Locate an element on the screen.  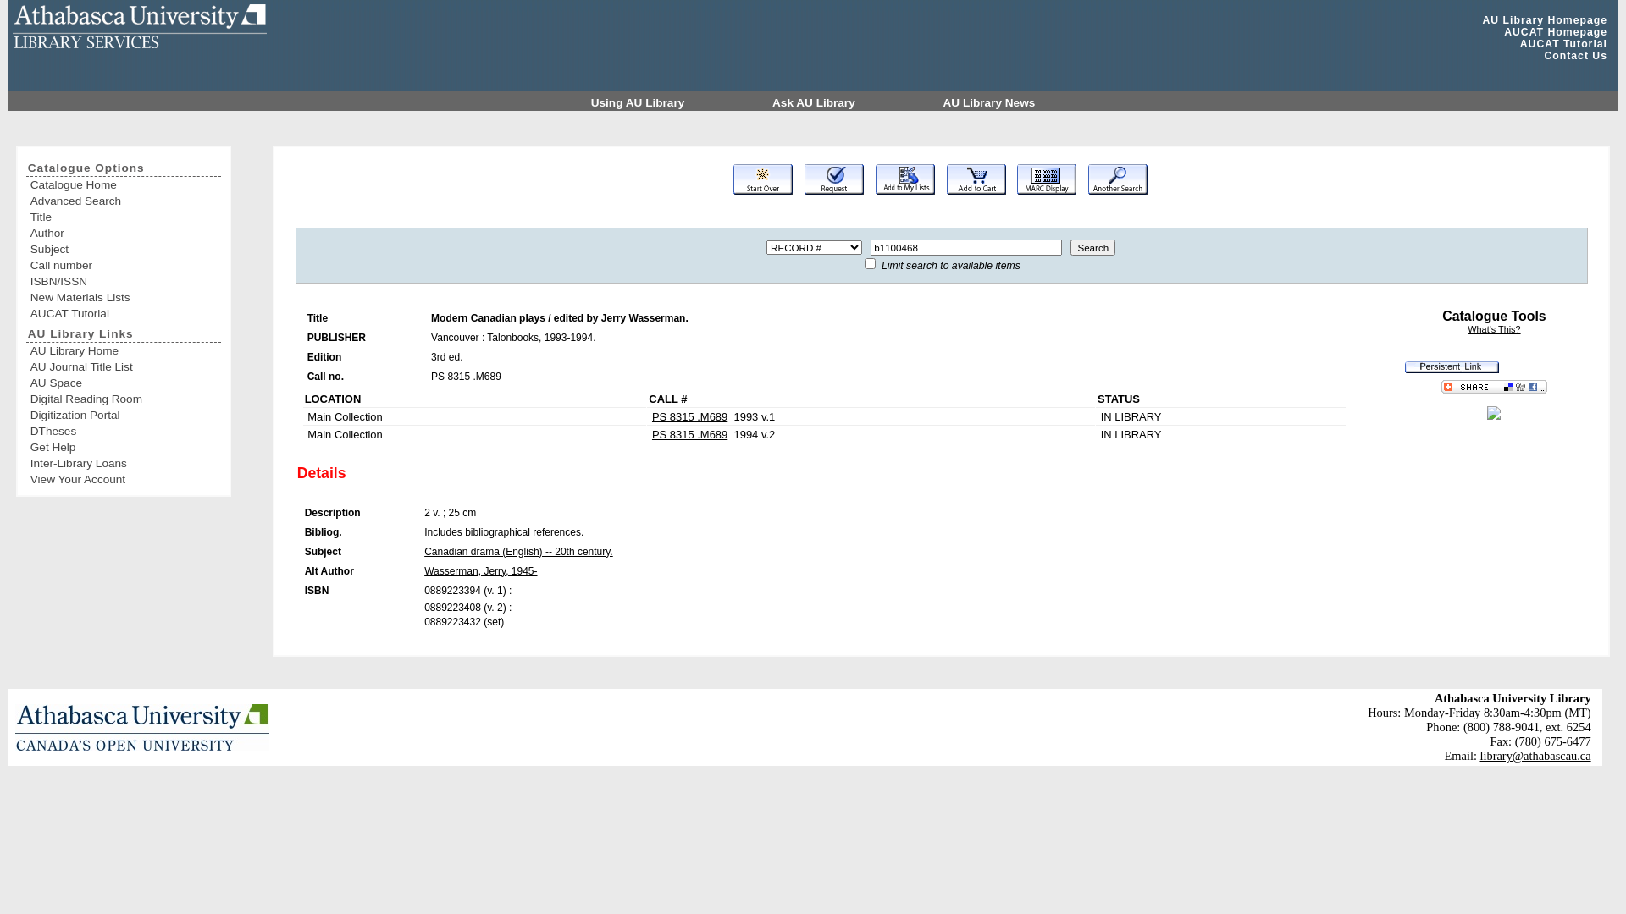
'Call number' is located at coordinates (30, 265).